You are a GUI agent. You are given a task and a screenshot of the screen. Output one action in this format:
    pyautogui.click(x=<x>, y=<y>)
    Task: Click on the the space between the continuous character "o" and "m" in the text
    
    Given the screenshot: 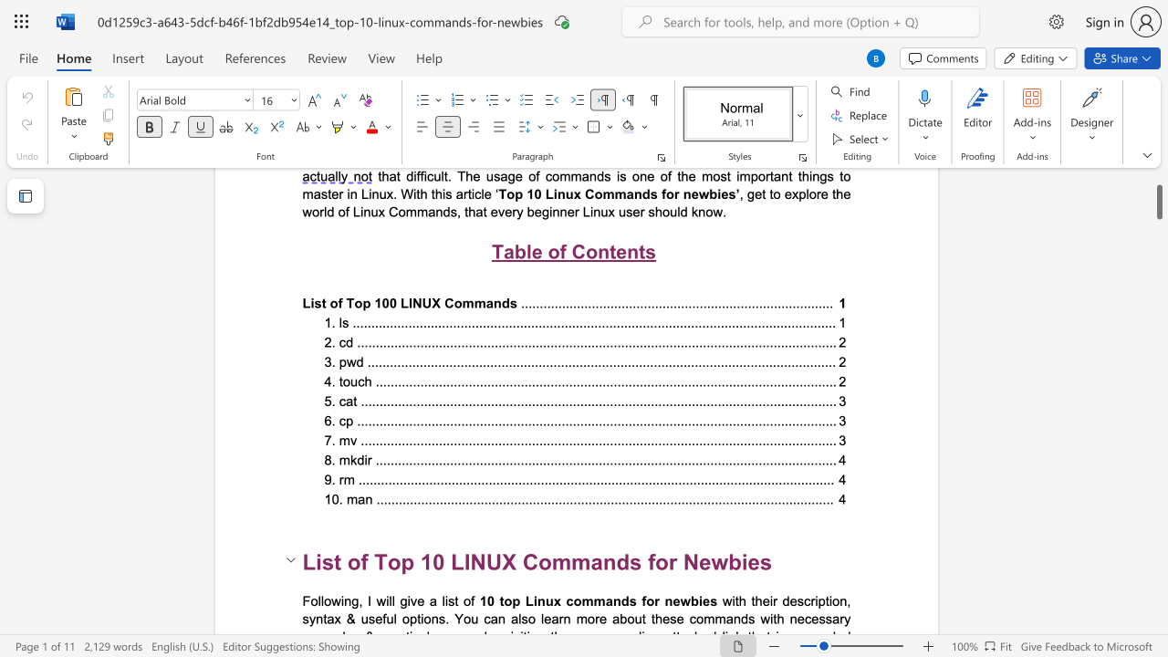 What is the action you would take?
    pyautogui.click(x=552, y=561)
    